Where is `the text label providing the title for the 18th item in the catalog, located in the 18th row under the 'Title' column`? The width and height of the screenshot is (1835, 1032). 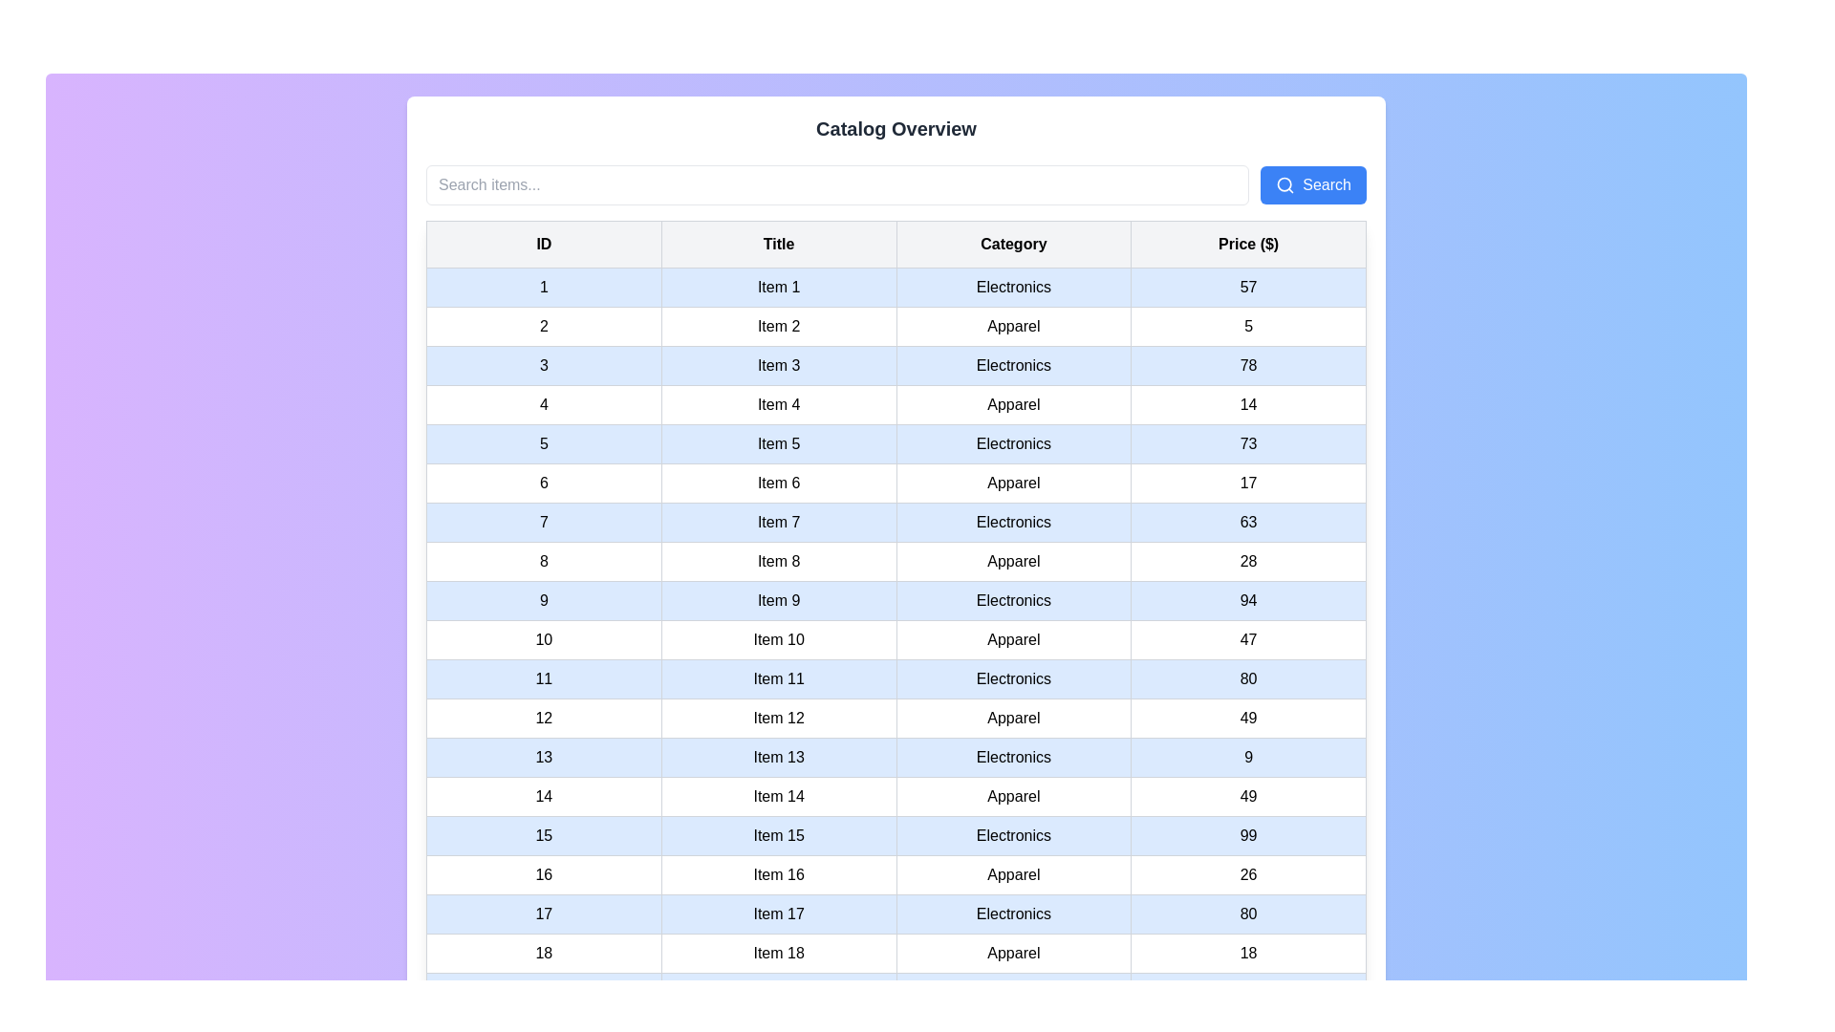 the text label providing the title for the 18th item in the catalog, located in the 18th row under the 'Title' column is located at coordinates (779, 954).